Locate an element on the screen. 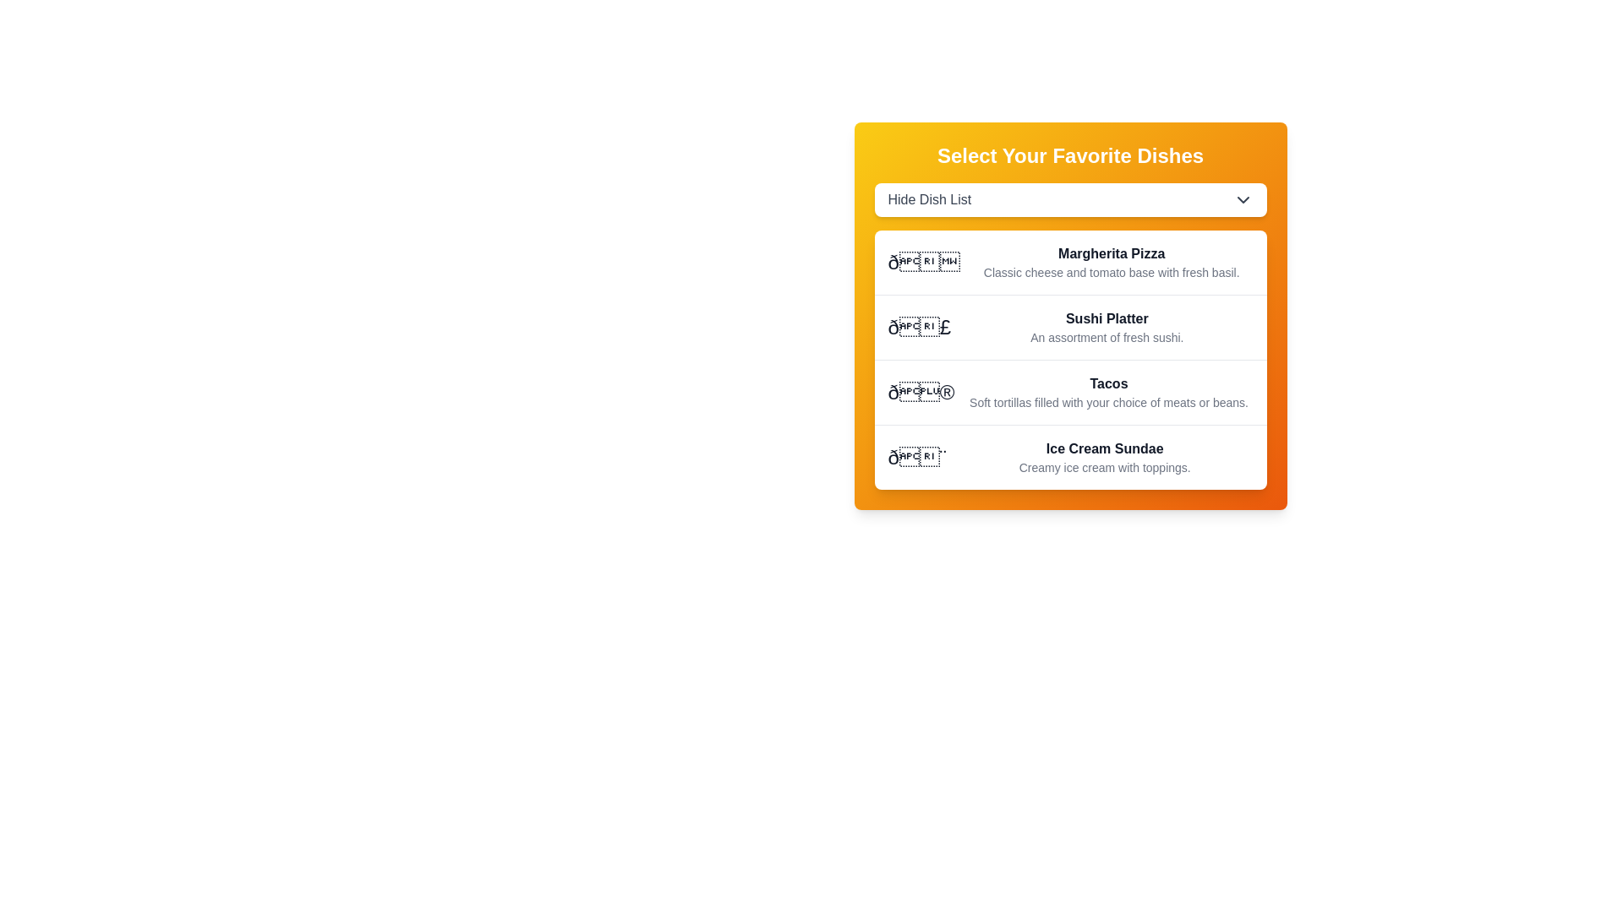 This screenshot has height=912, width=1623. the text component displaying the bolded title 'Sushi Platter' and the subtitle 'An assortment of fresh sushi', which is centrally located in the second item of the dish selection menu is located at coordinates (1107, 328).